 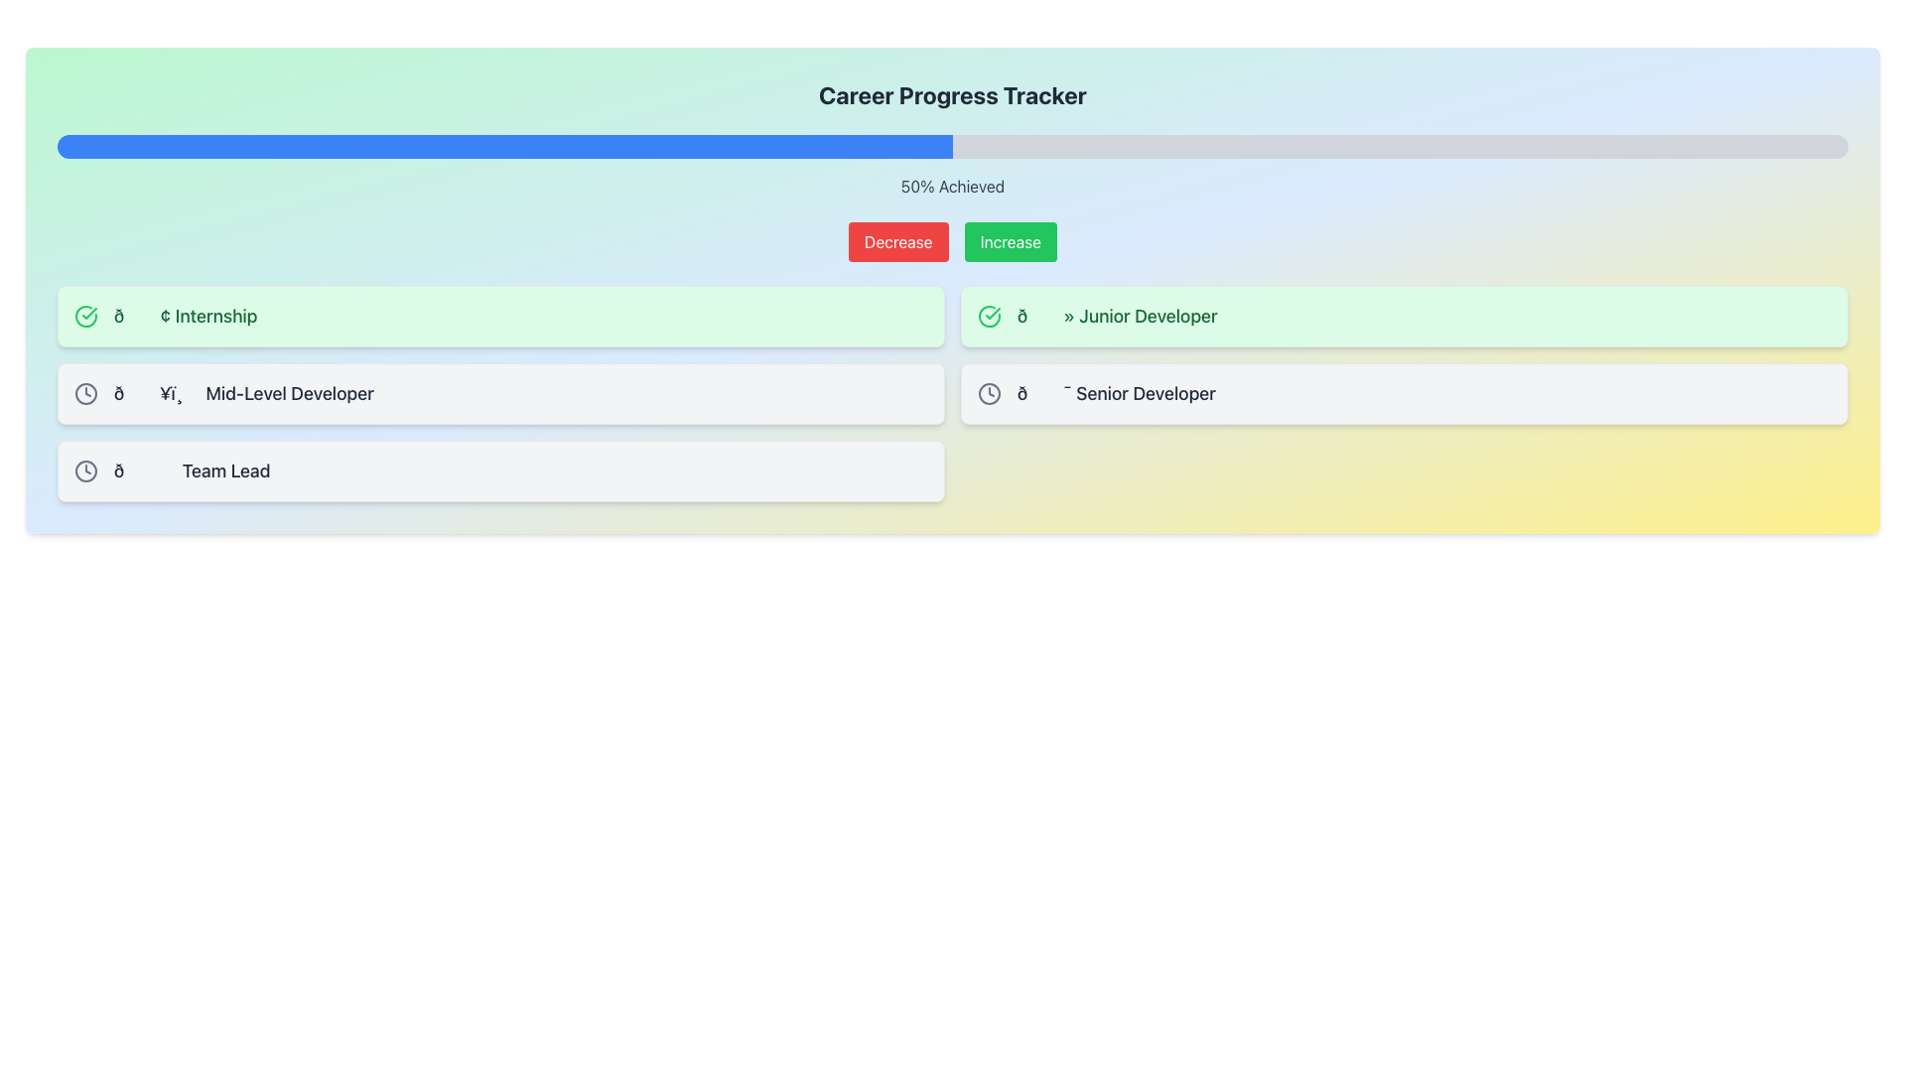 I want to click on the confirmation icon located on the left side of the textual description for the 'Junior Developer' role in the green-highlighted card, so click(x=990, y=316).